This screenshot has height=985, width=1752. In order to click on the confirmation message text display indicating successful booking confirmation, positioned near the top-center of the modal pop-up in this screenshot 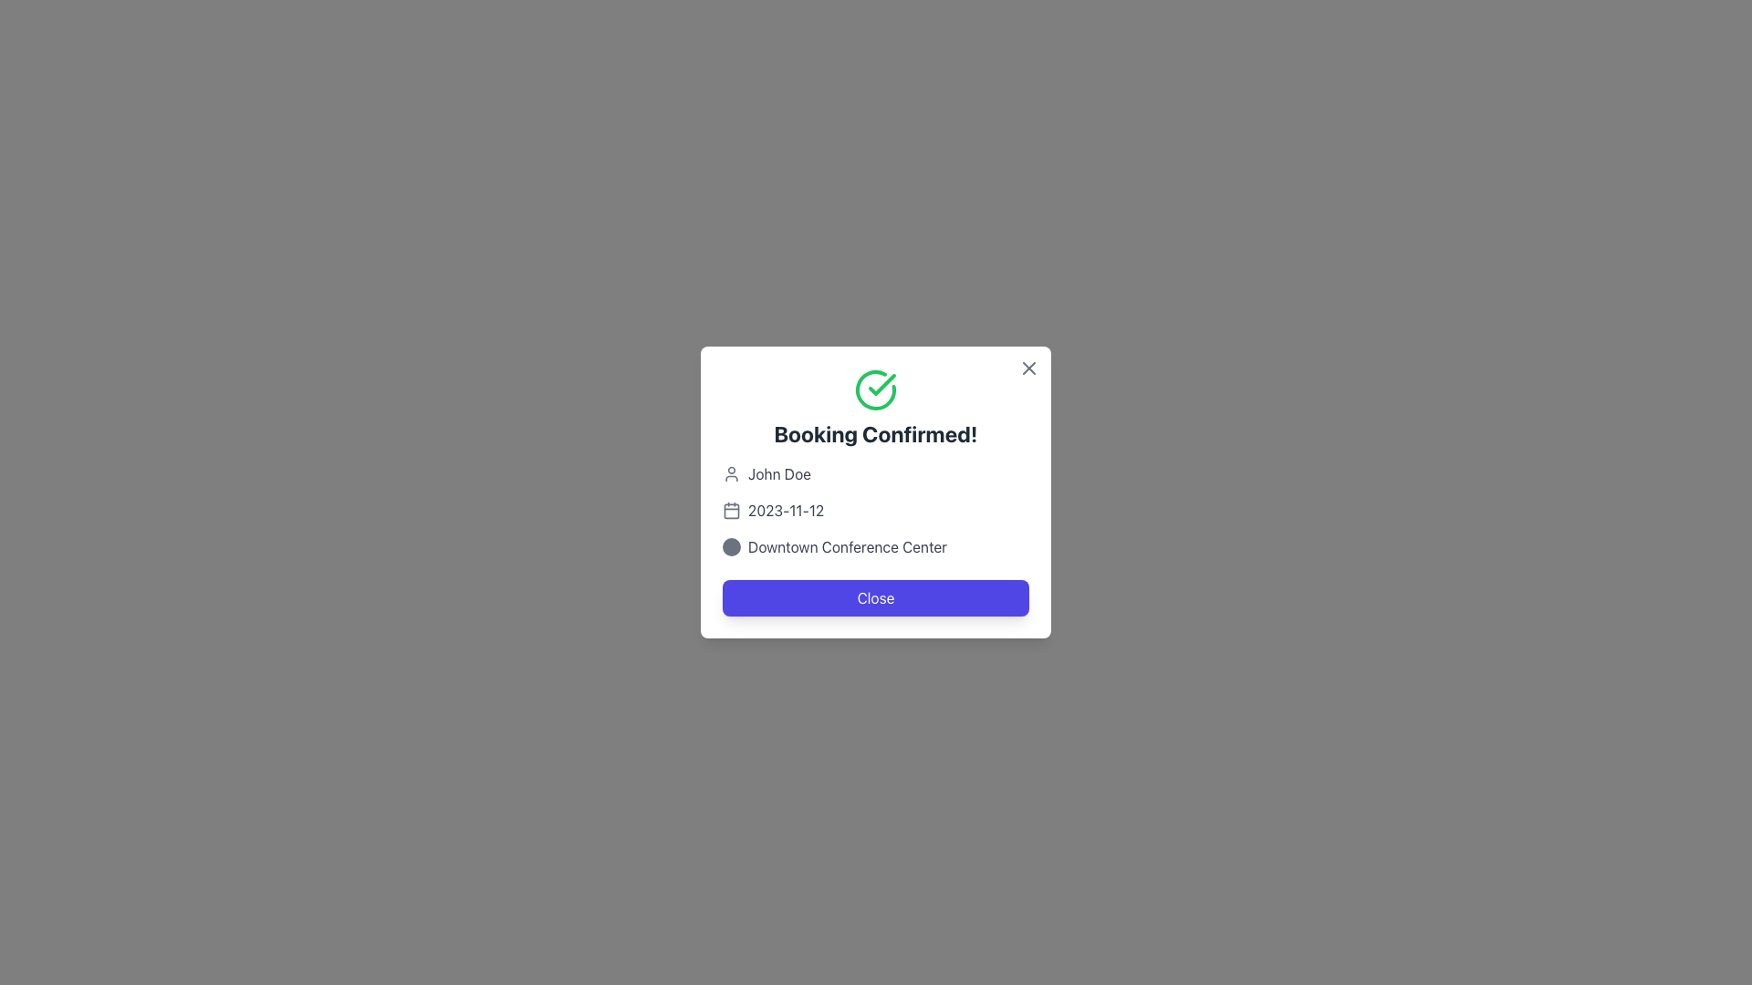, I will do `click(876, 407)`.